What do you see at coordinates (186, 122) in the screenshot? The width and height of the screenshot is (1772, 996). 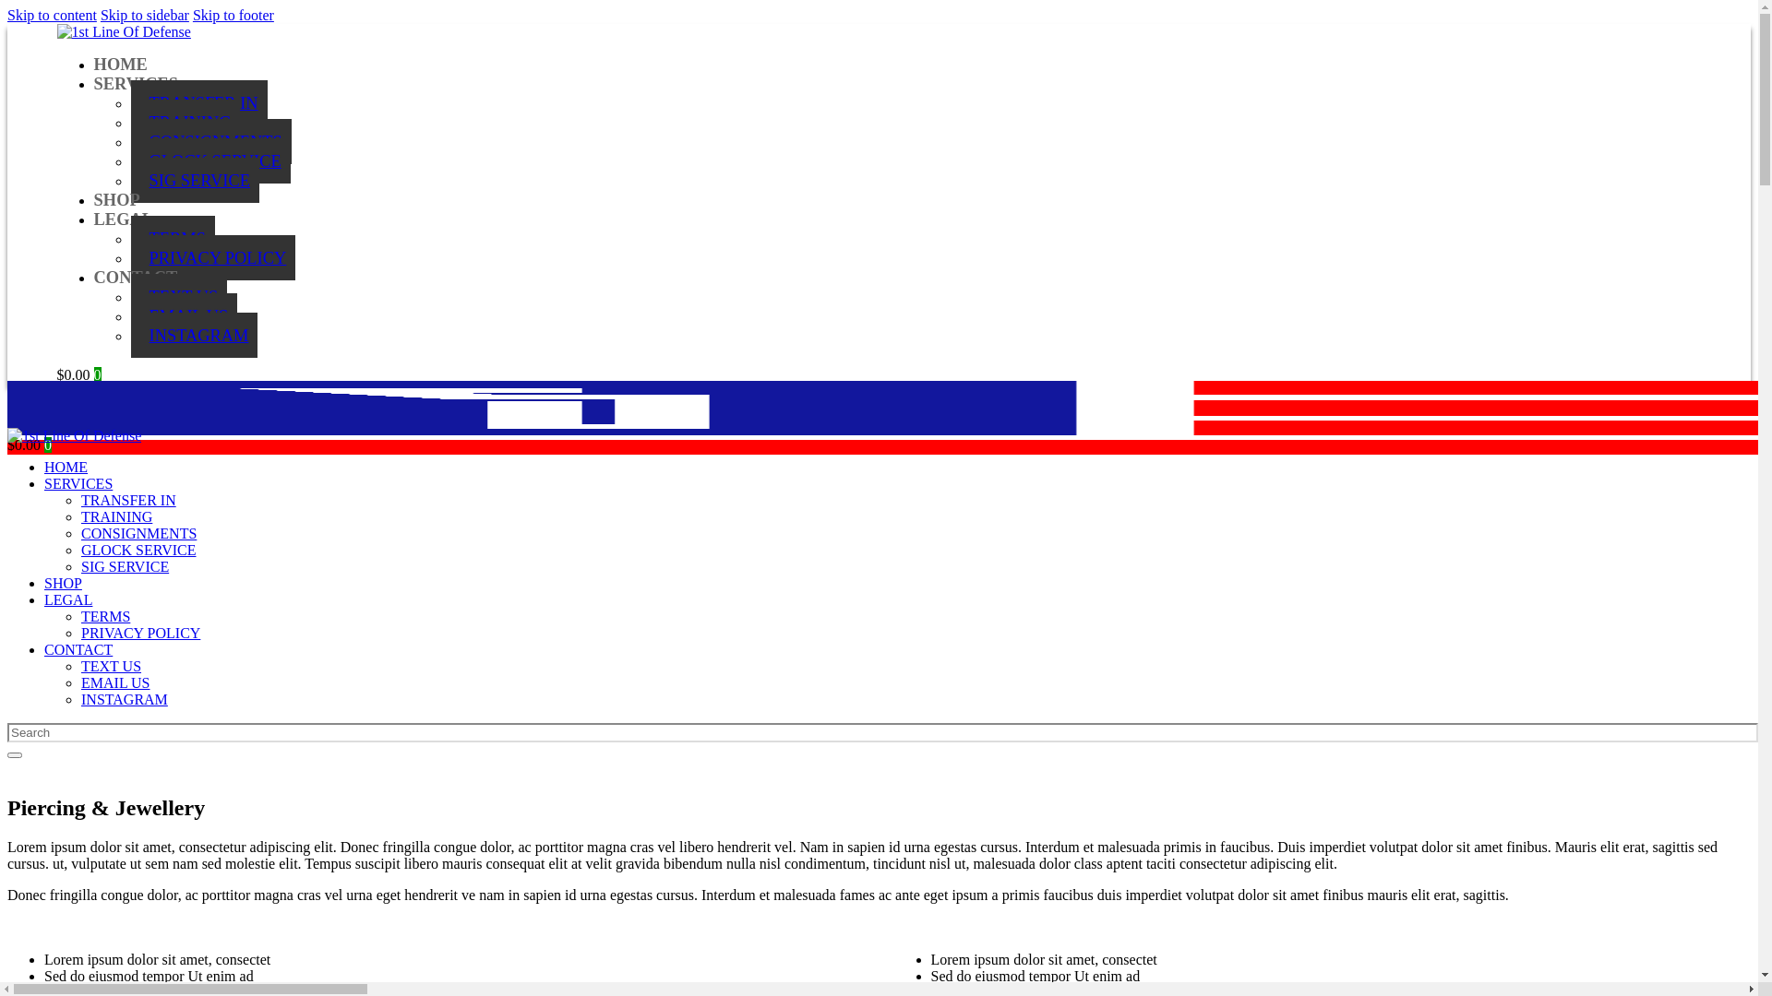 I see `'TRAINING'` at bounding box center [186, 122].